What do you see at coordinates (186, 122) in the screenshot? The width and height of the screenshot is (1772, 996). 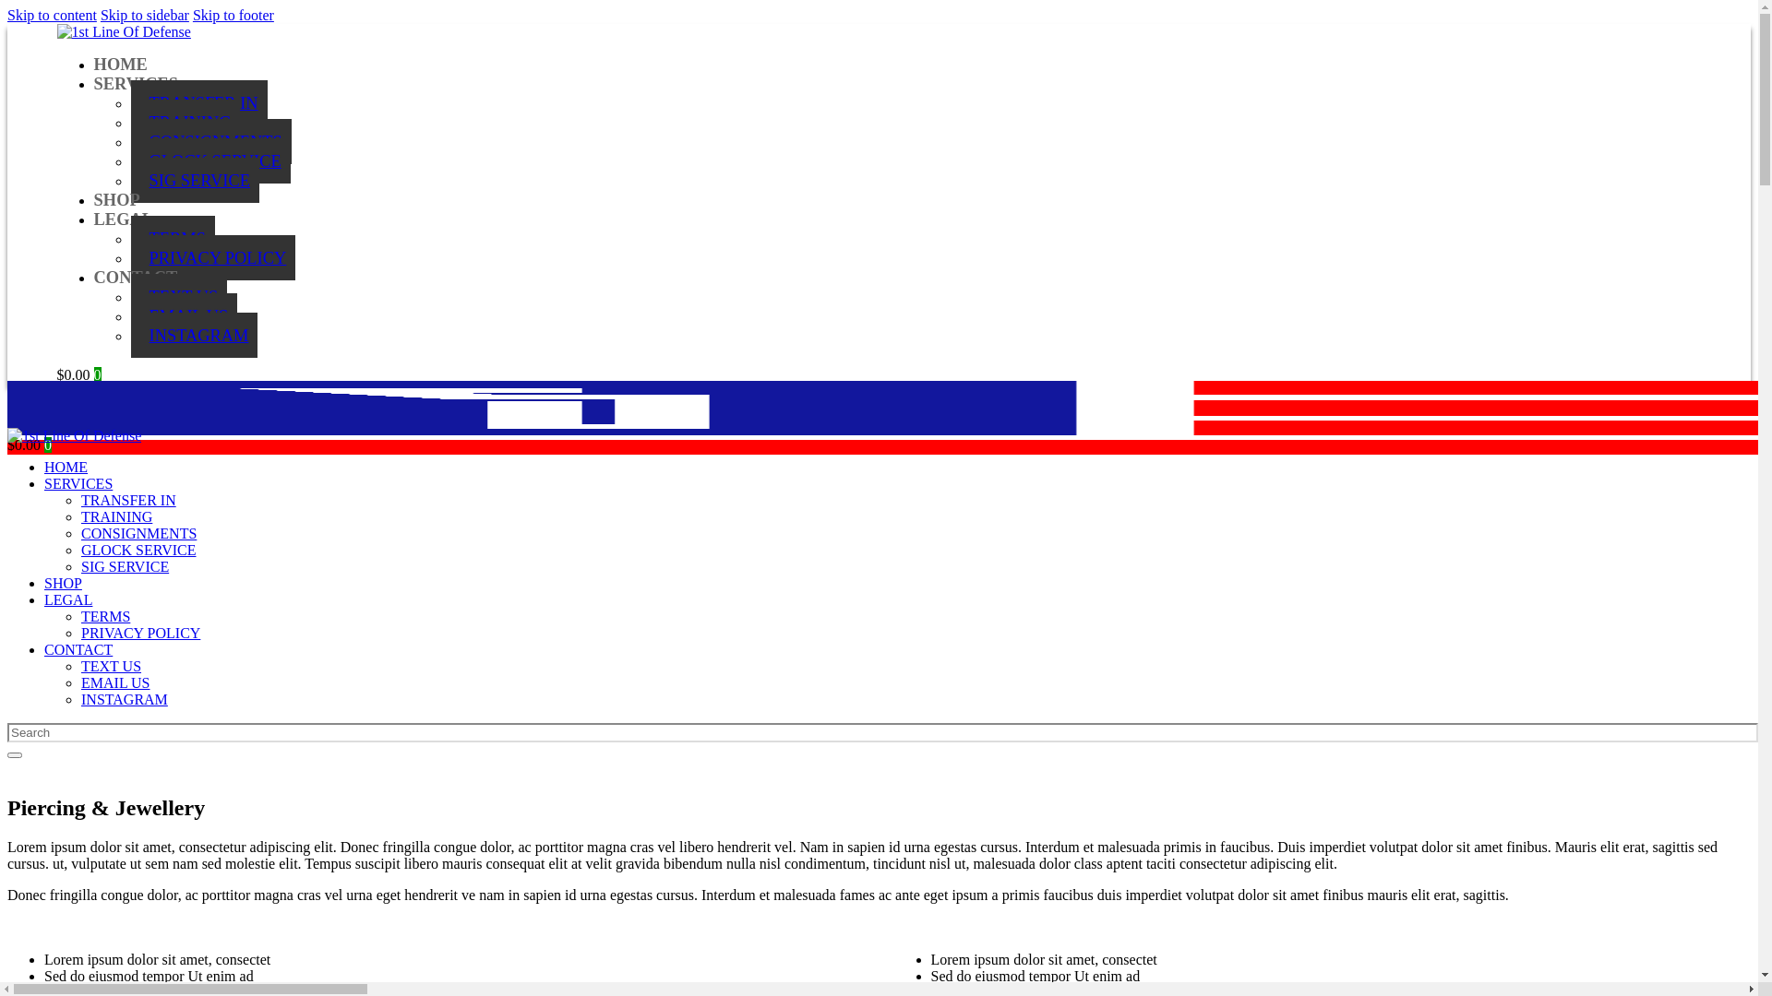 I see `'TRAINING'` at bounding box center [186, 122].